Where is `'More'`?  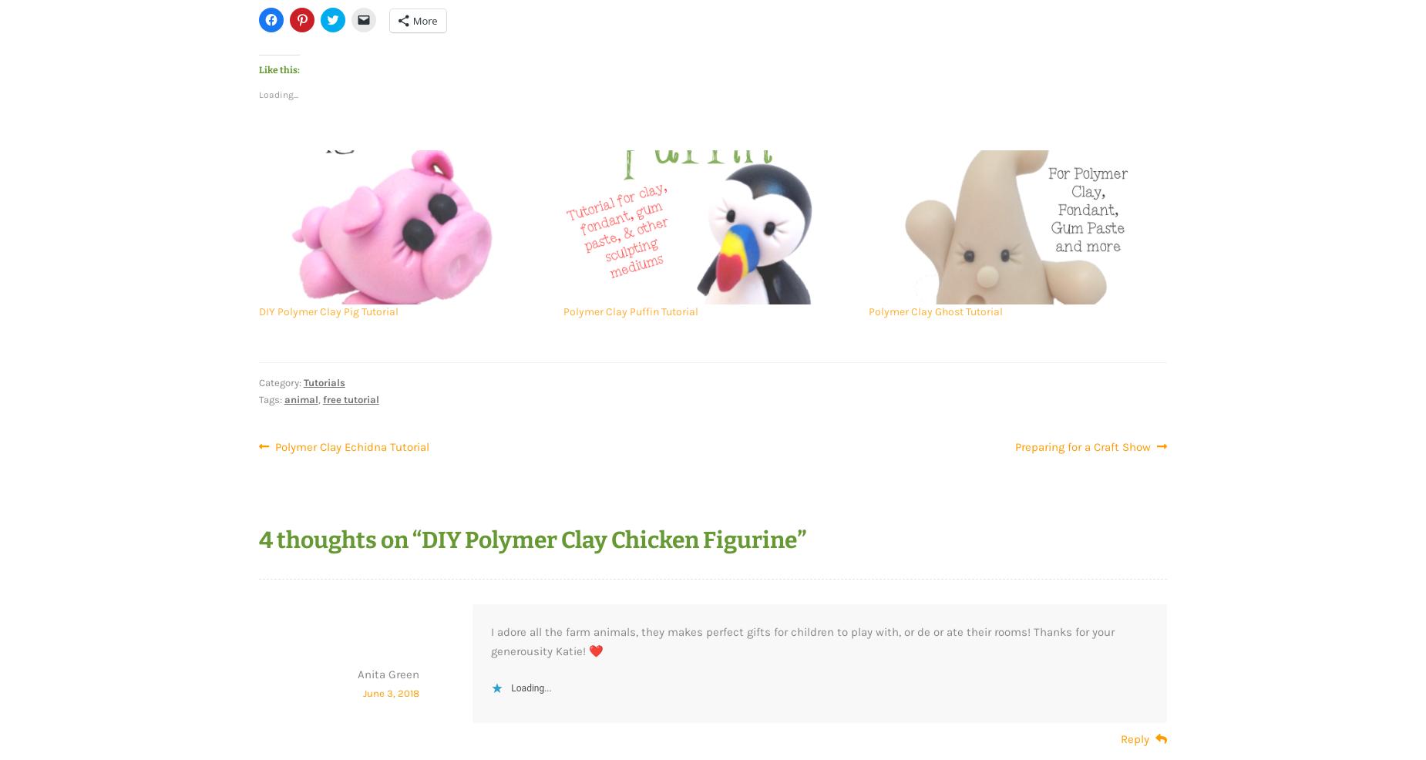
'More' is located at coordinates (424, 19).